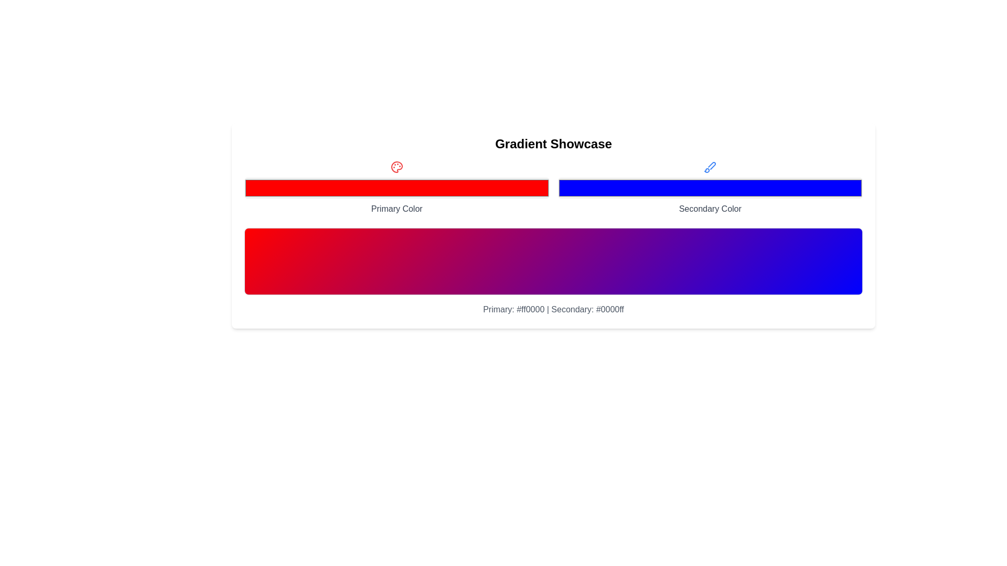 This screenshot has width=1007, height=566. What do you see at coordinates (587, 309) in the screenshot?
I see `the static text displaying 'Secondary: #0000ff'` at bounding box center [587, 309].